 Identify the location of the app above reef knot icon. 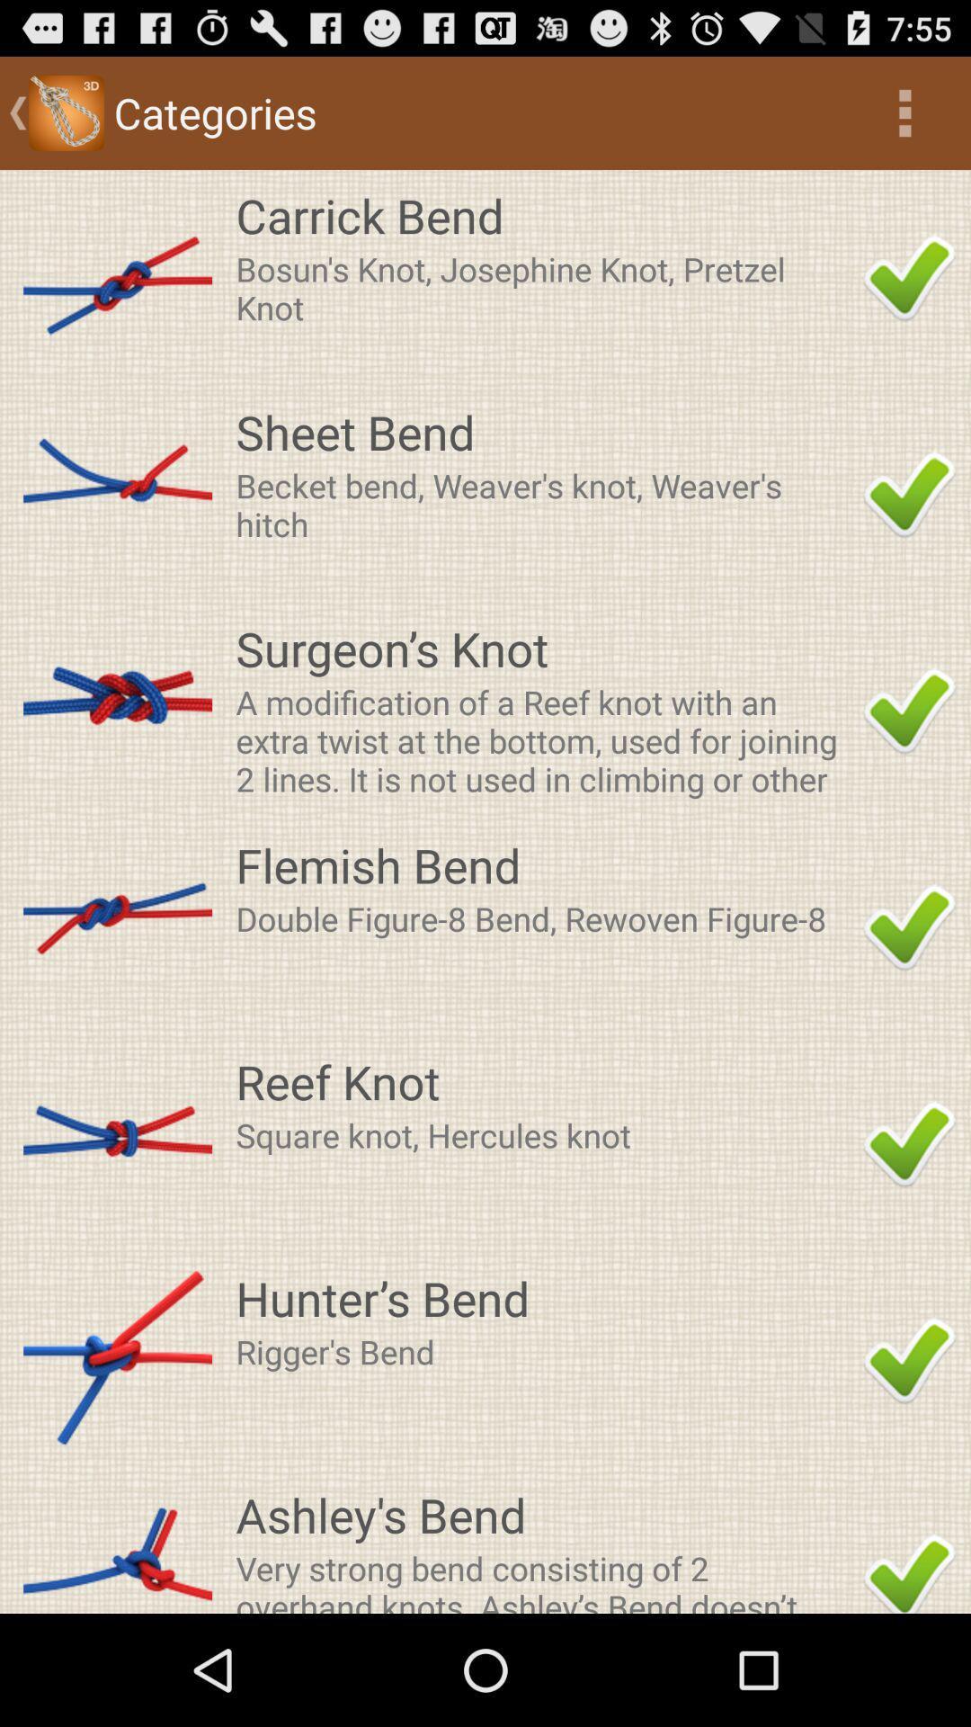
(543, 918).